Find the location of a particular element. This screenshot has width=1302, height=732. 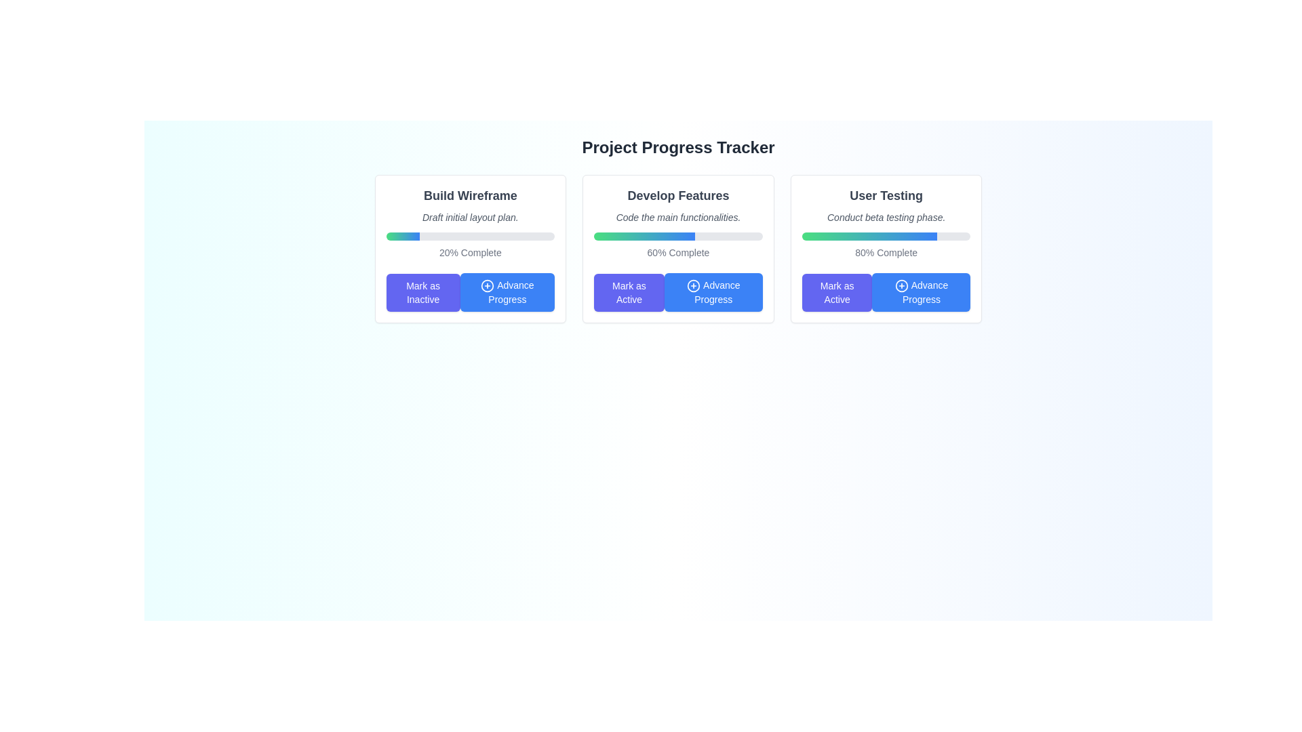

the second button in the 'Build Wireframe' section is located at coordinates (507, 291).